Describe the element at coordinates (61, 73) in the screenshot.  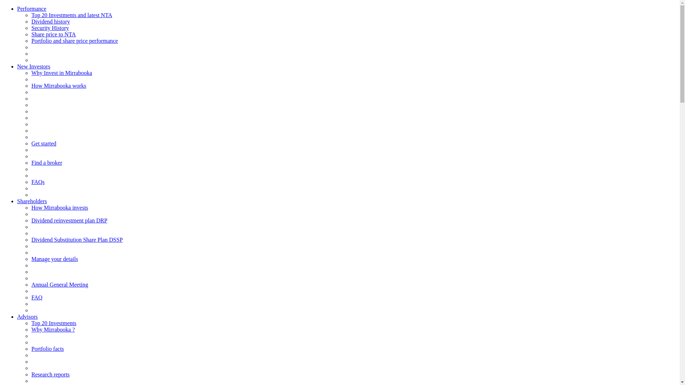
I see `'Why Invest in Mirrabooka'` at that location.